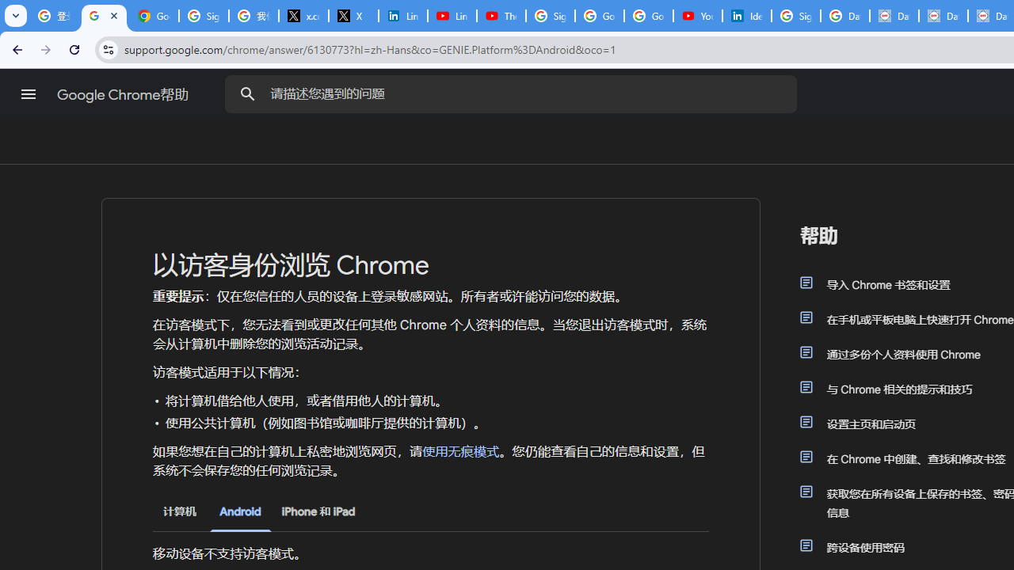  I want to click on 'Identity verification via Persona | LinkedIn Help', so click(745, 16).